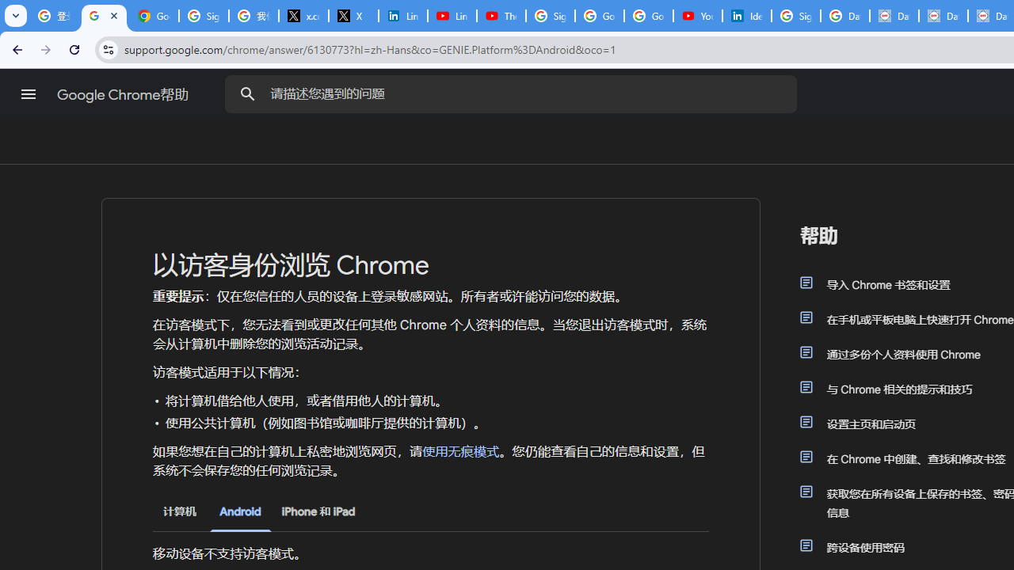  I want to click on 'Identity verification via Persona | LinkedIn Help', so click(745, 16).